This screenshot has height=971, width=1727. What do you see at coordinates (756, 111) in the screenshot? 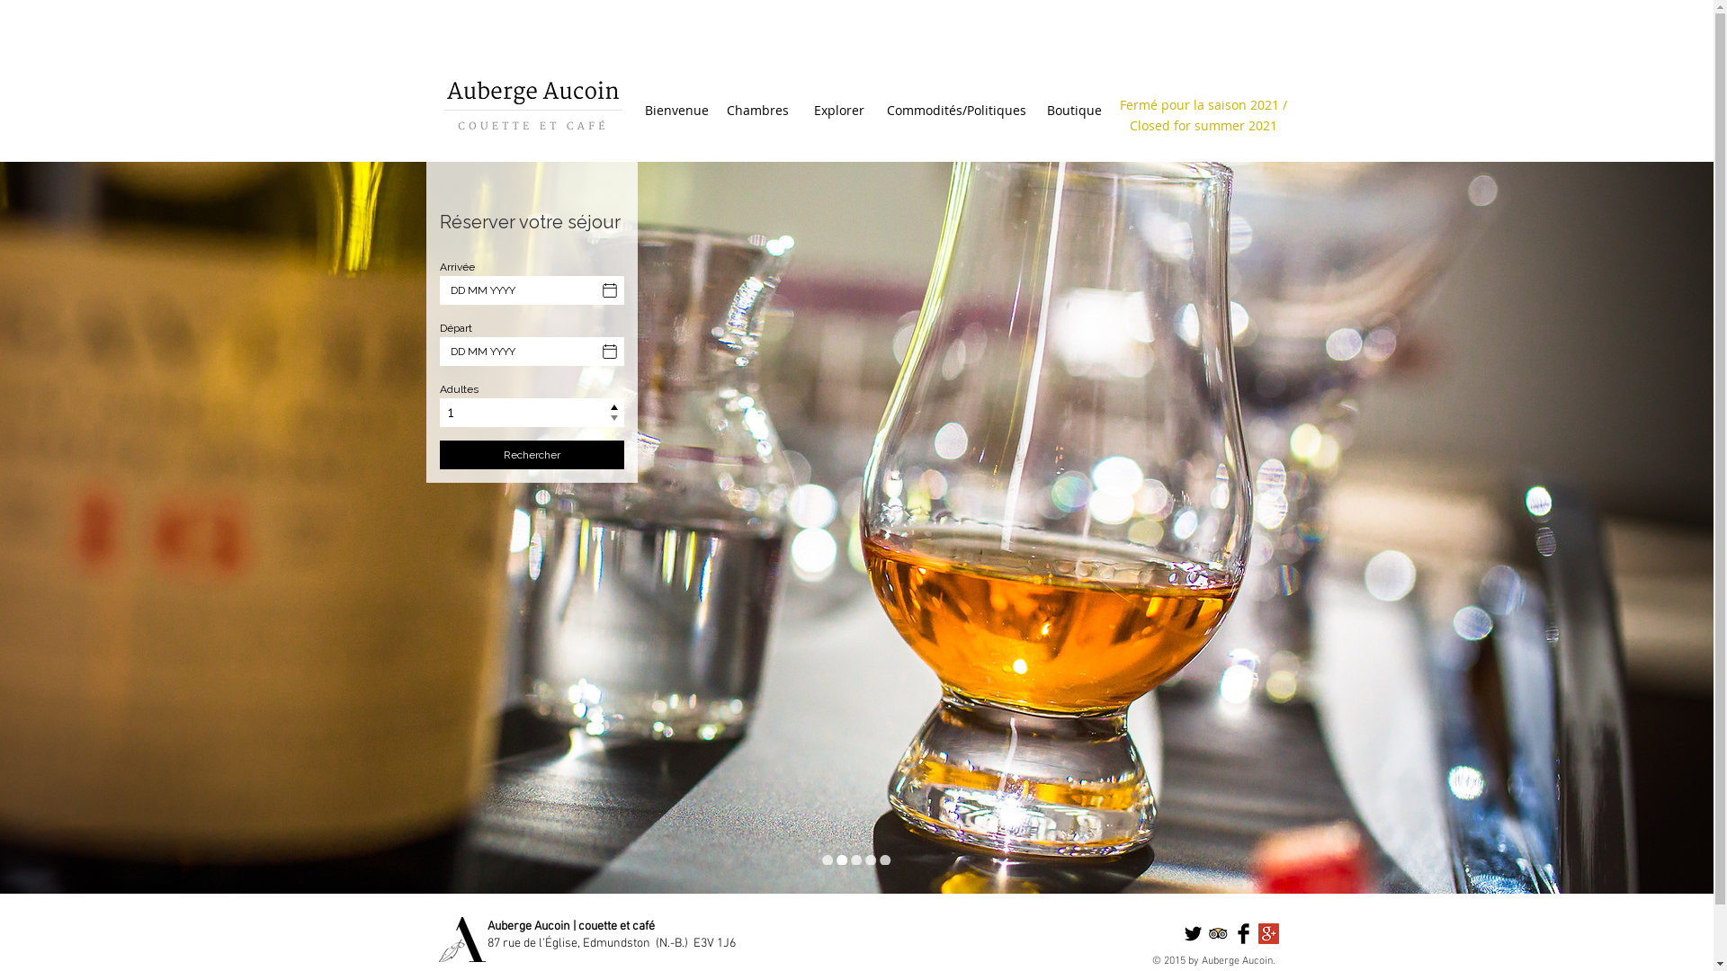
I see `'Chambres'` at bounding box center [756, 111].